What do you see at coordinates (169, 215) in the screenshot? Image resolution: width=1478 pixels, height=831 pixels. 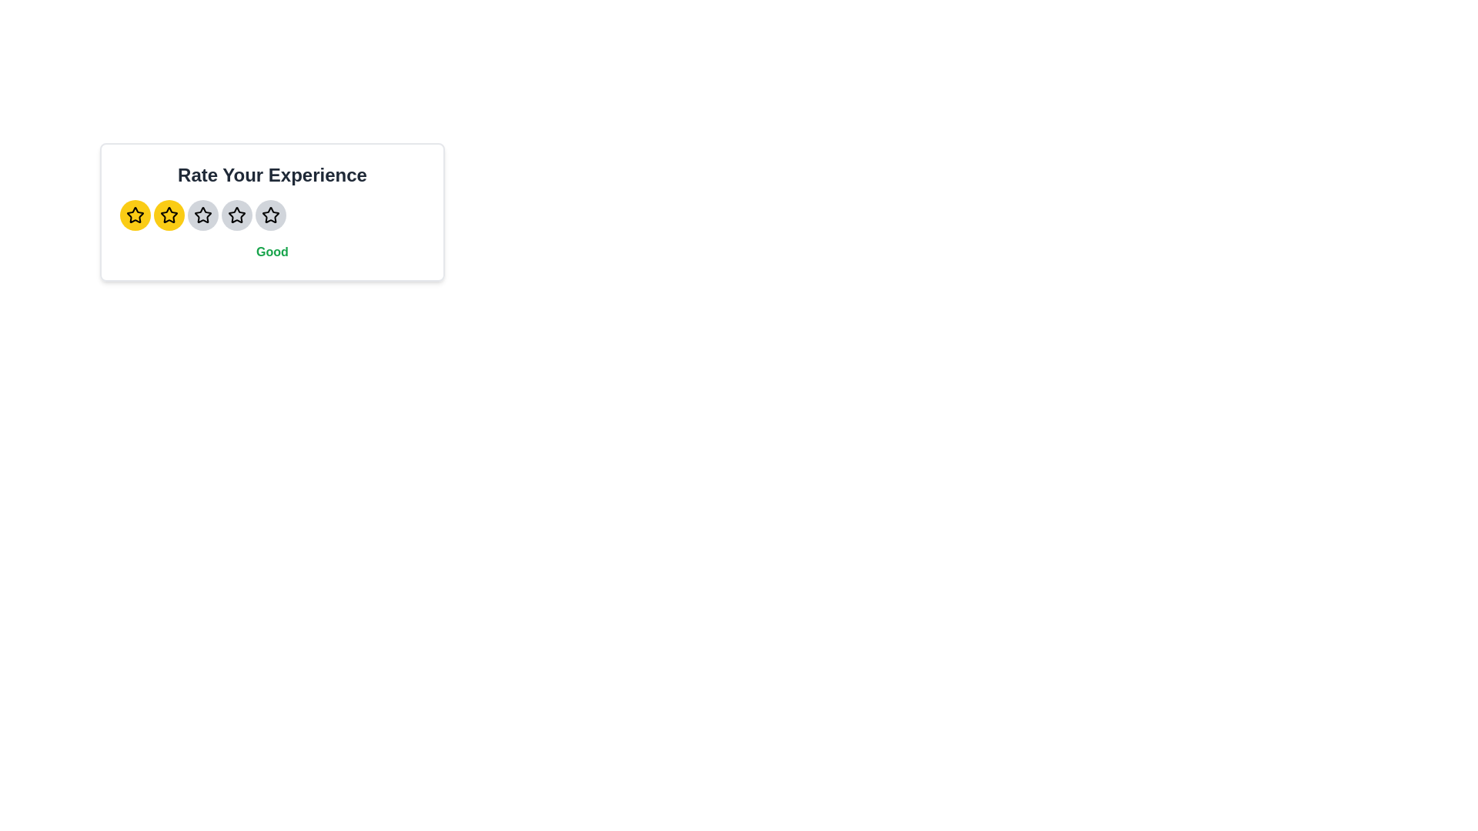 I see `the second star icon in the rating interface, which is enclosed within a yellow circular background` at bounding box center [169, 215].